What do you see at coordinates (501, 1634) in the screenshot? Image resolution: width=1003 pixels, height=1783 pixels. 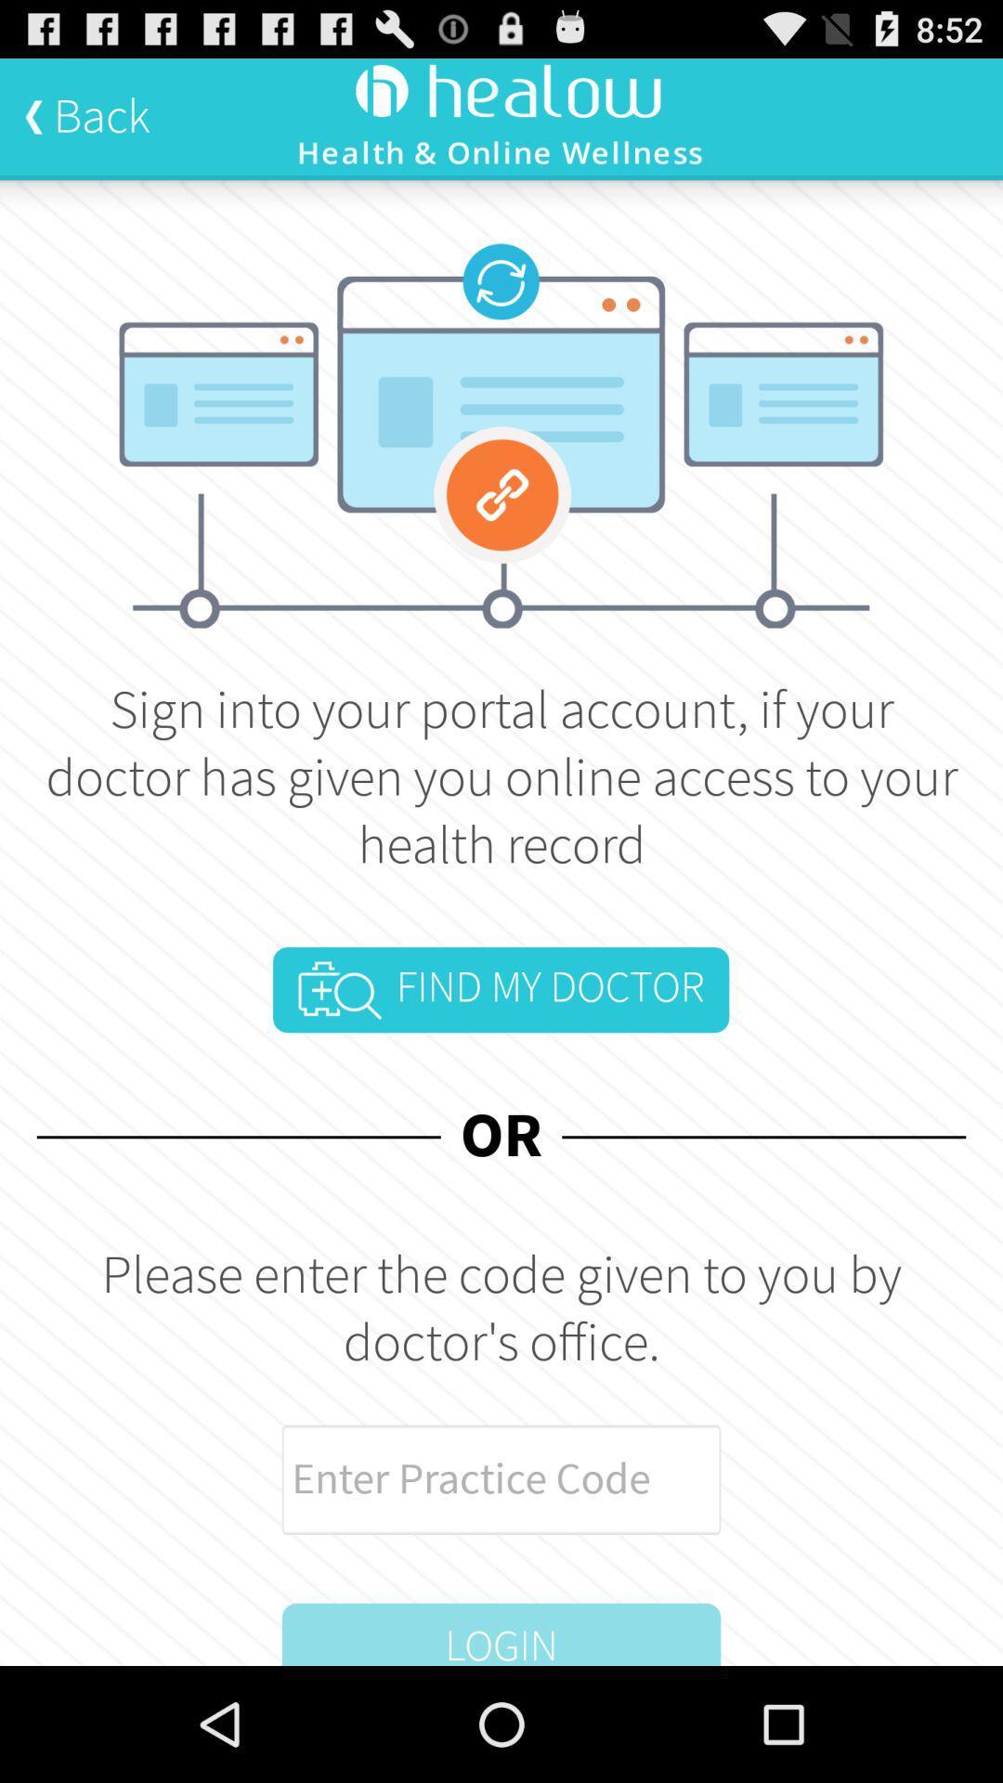 I see `login` at bounding box center [501, 1634].